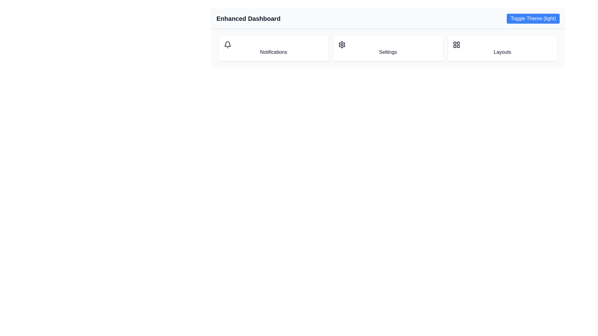 This screenshot has width=598, height=336. What do you see at coordinates (342, 44) in the screenshot?
I see `the gear icon` at bounding box center [342, 44].